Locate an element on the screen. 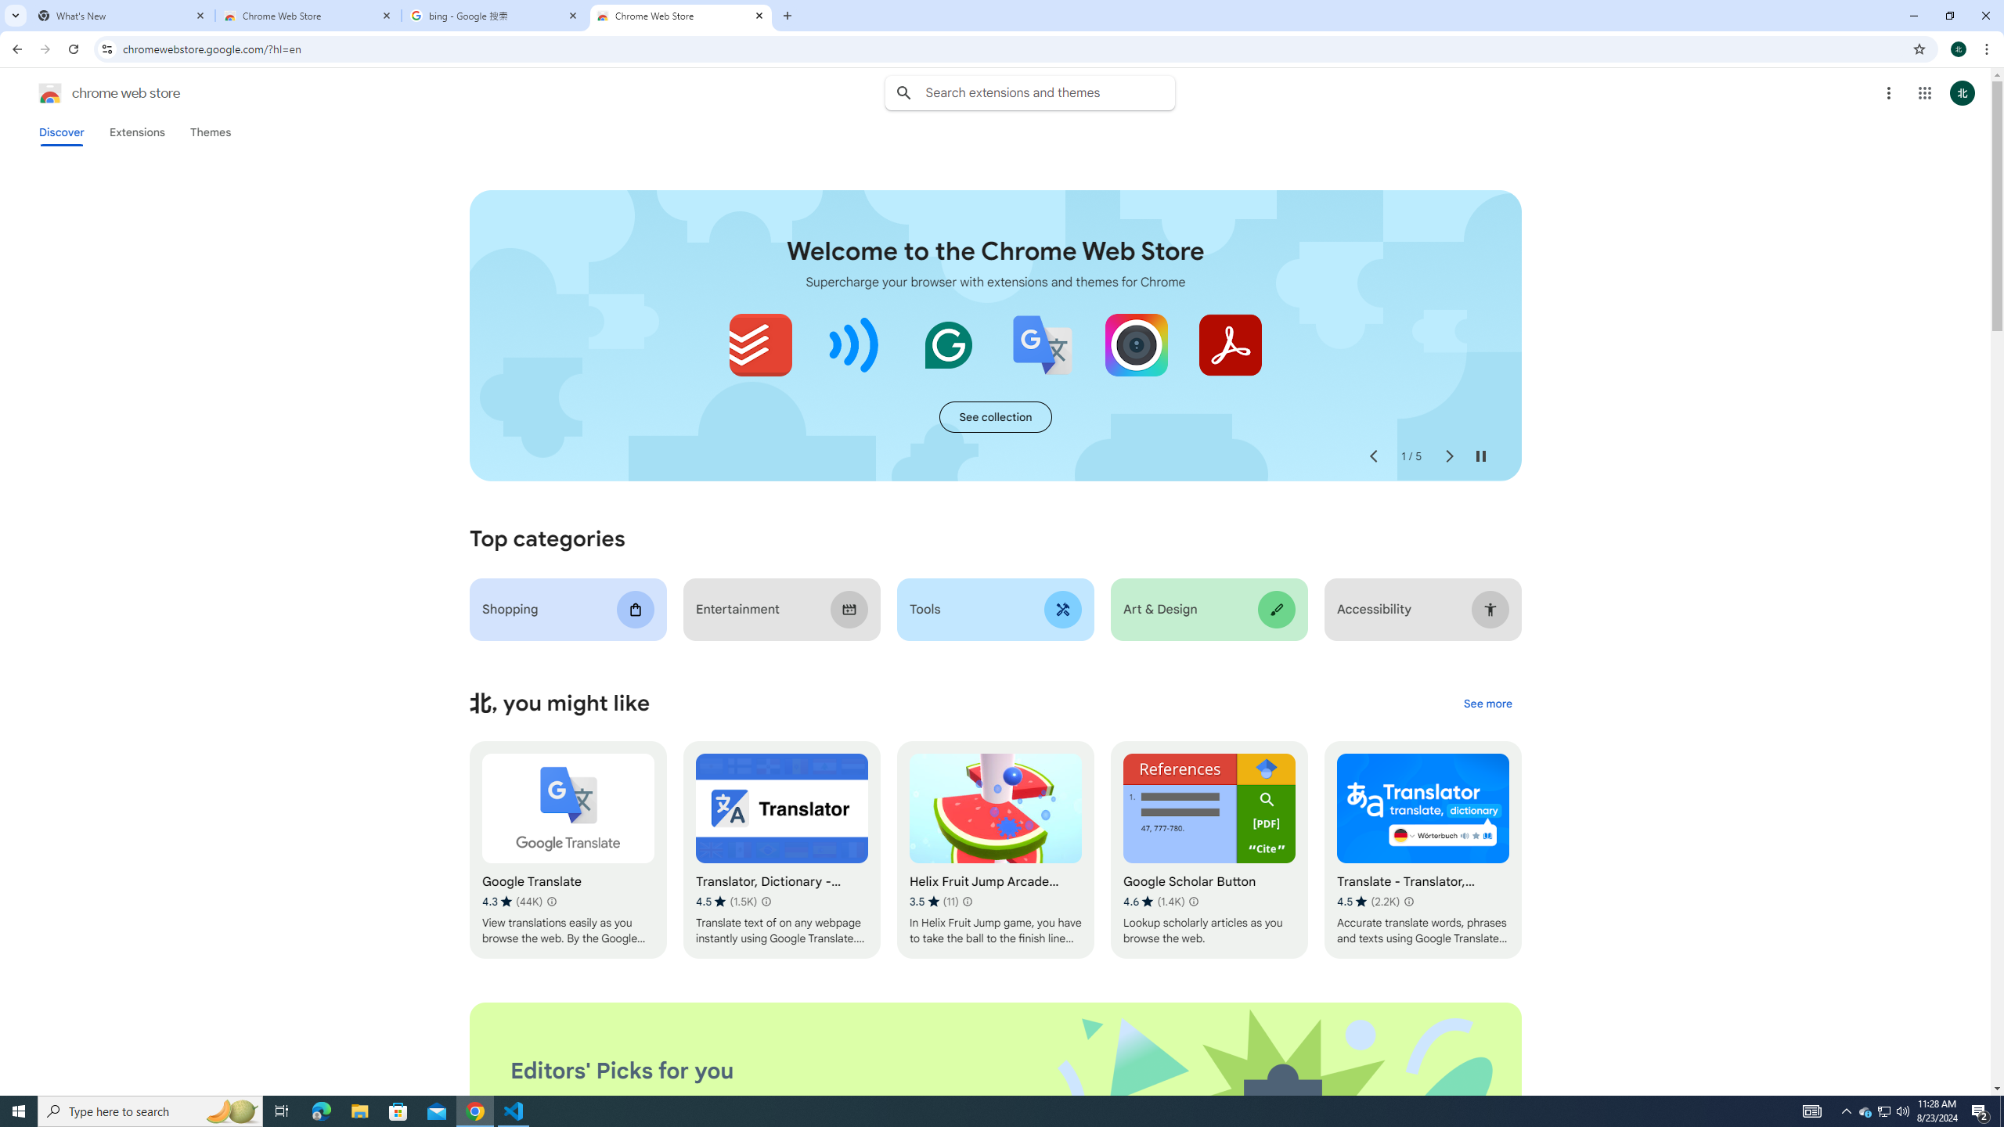 This screenshot has width=2004, height=1127. 'Adobe Acrobat: PDF edit, convert, sign tools' is located at coordinates (1228, 344).